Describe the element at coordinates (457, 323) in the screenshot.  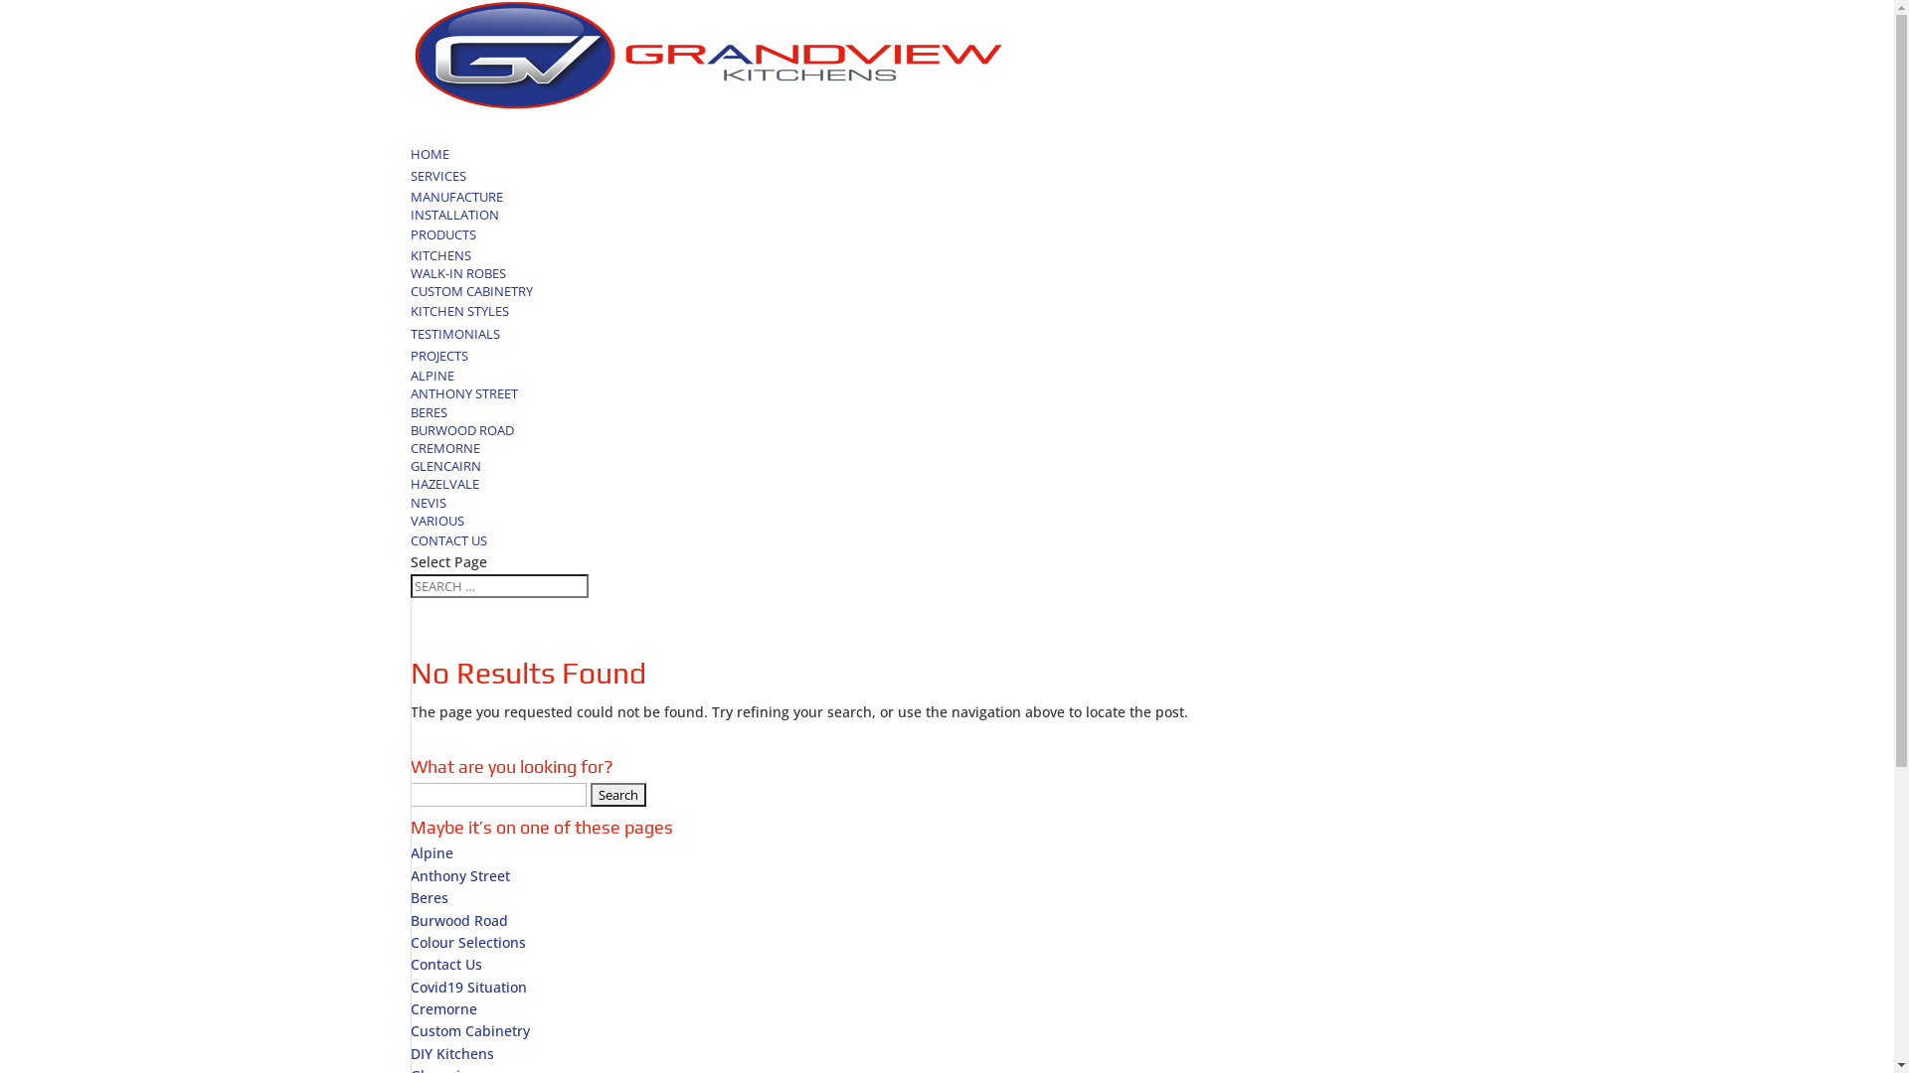
I see `'KITCHEN STYLES'` at that location.